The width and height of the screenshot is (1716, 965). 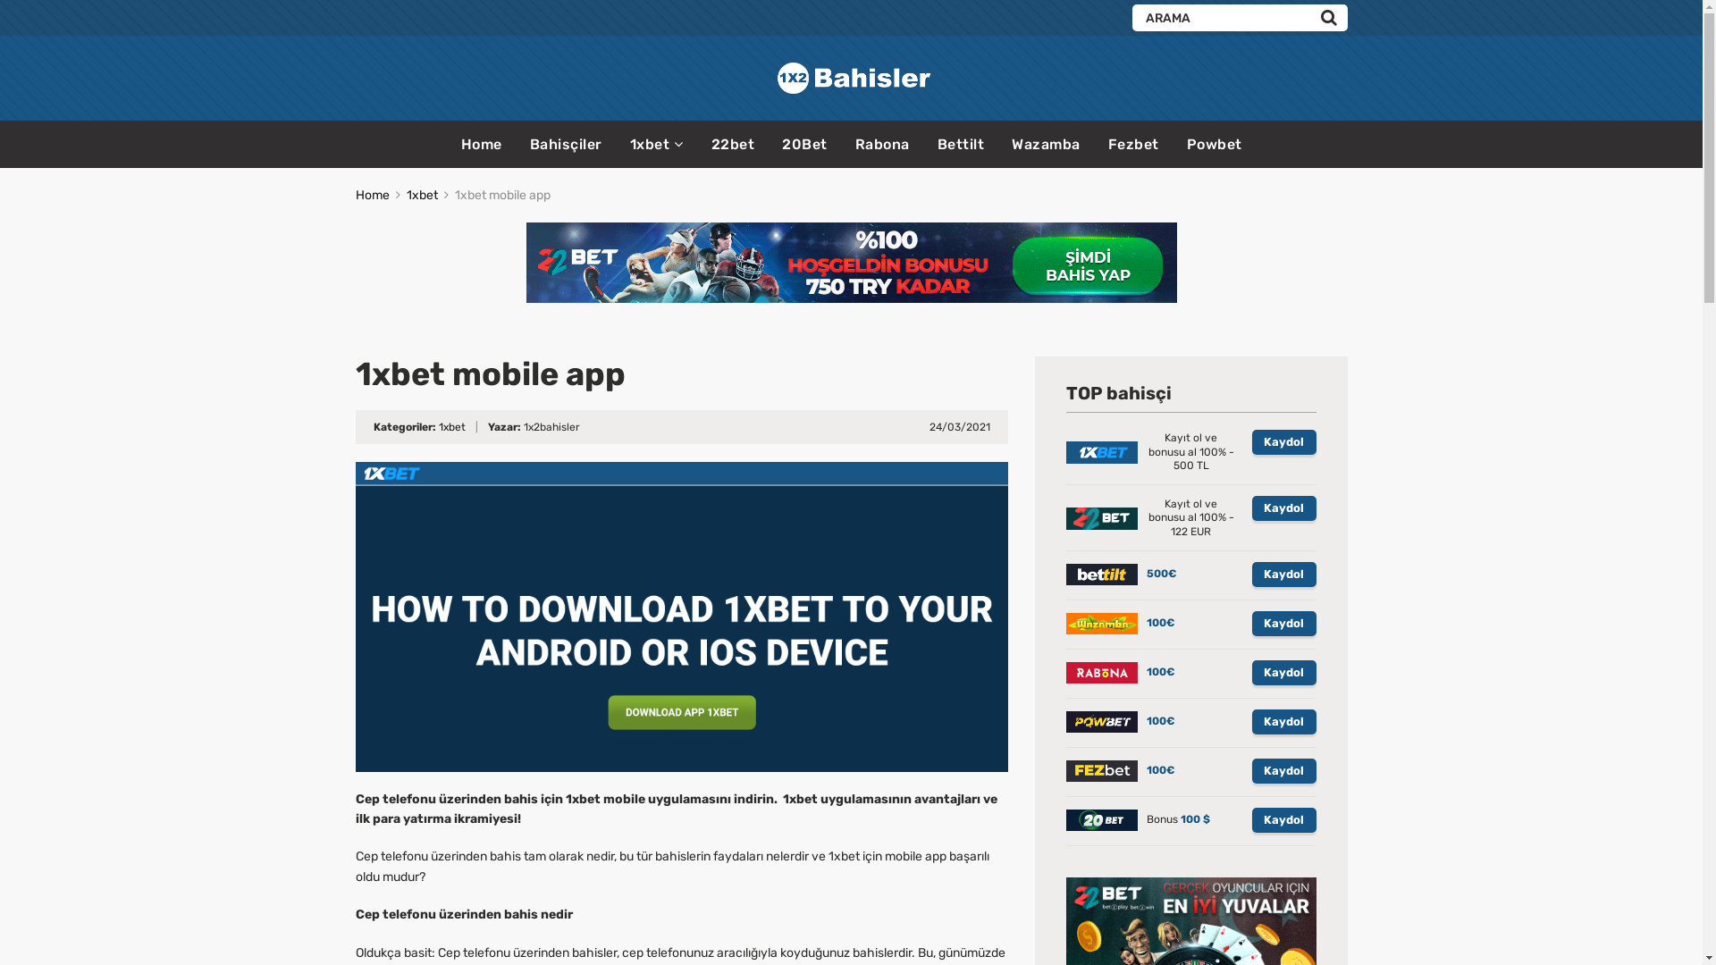 I want to click on 'Wazamba', so click(x=1046, y=144).